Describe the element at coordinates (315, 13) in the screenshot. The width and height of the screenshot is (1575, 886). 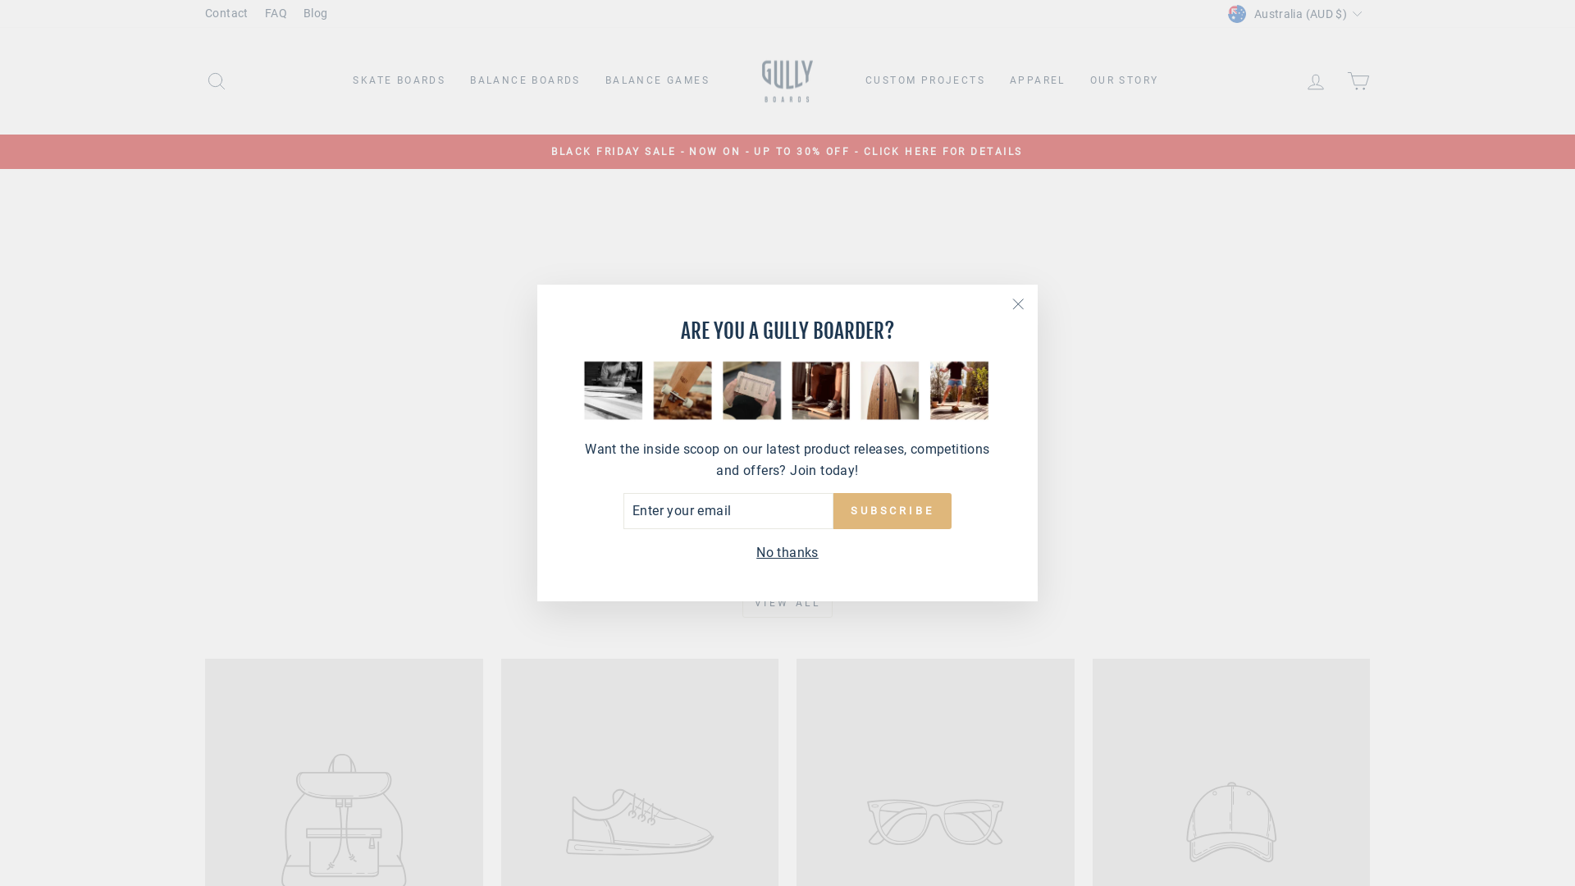
I see `'Blog'` at that location.